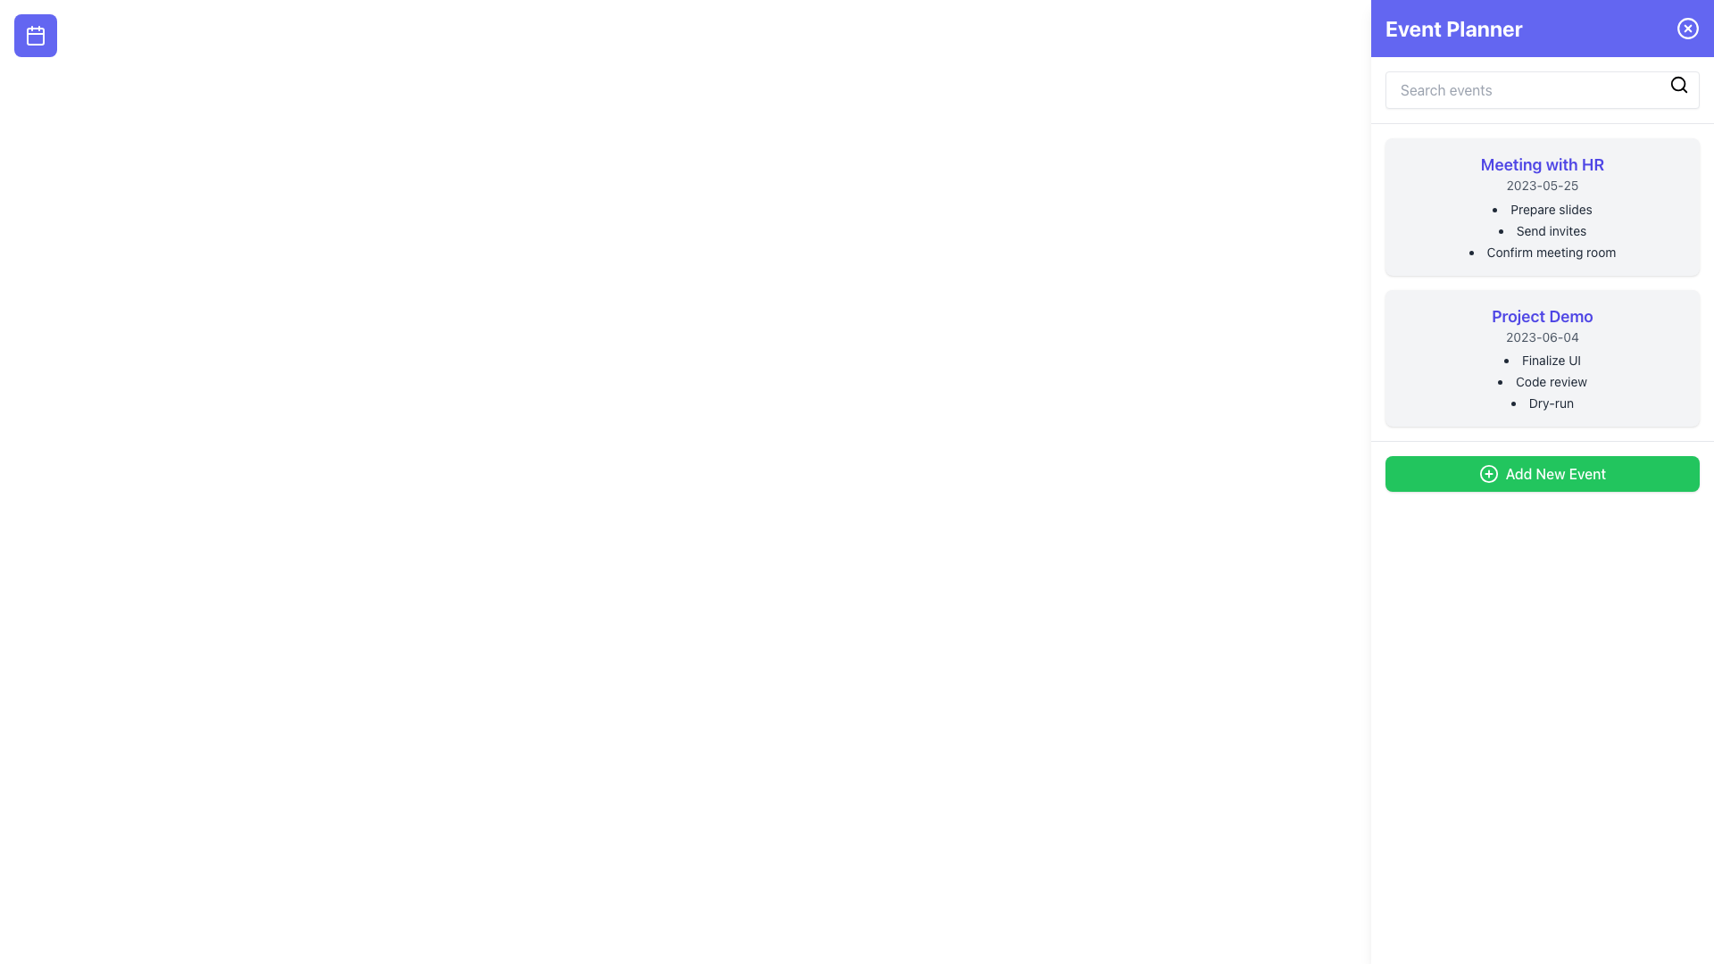 Image resolution: width=1714 pixels, height=964 pixels. I want to click on the text content that reads 'Prepare slides', which is the first item in the bullet-point list under 'Meeting with HR', so click(1542, 208).